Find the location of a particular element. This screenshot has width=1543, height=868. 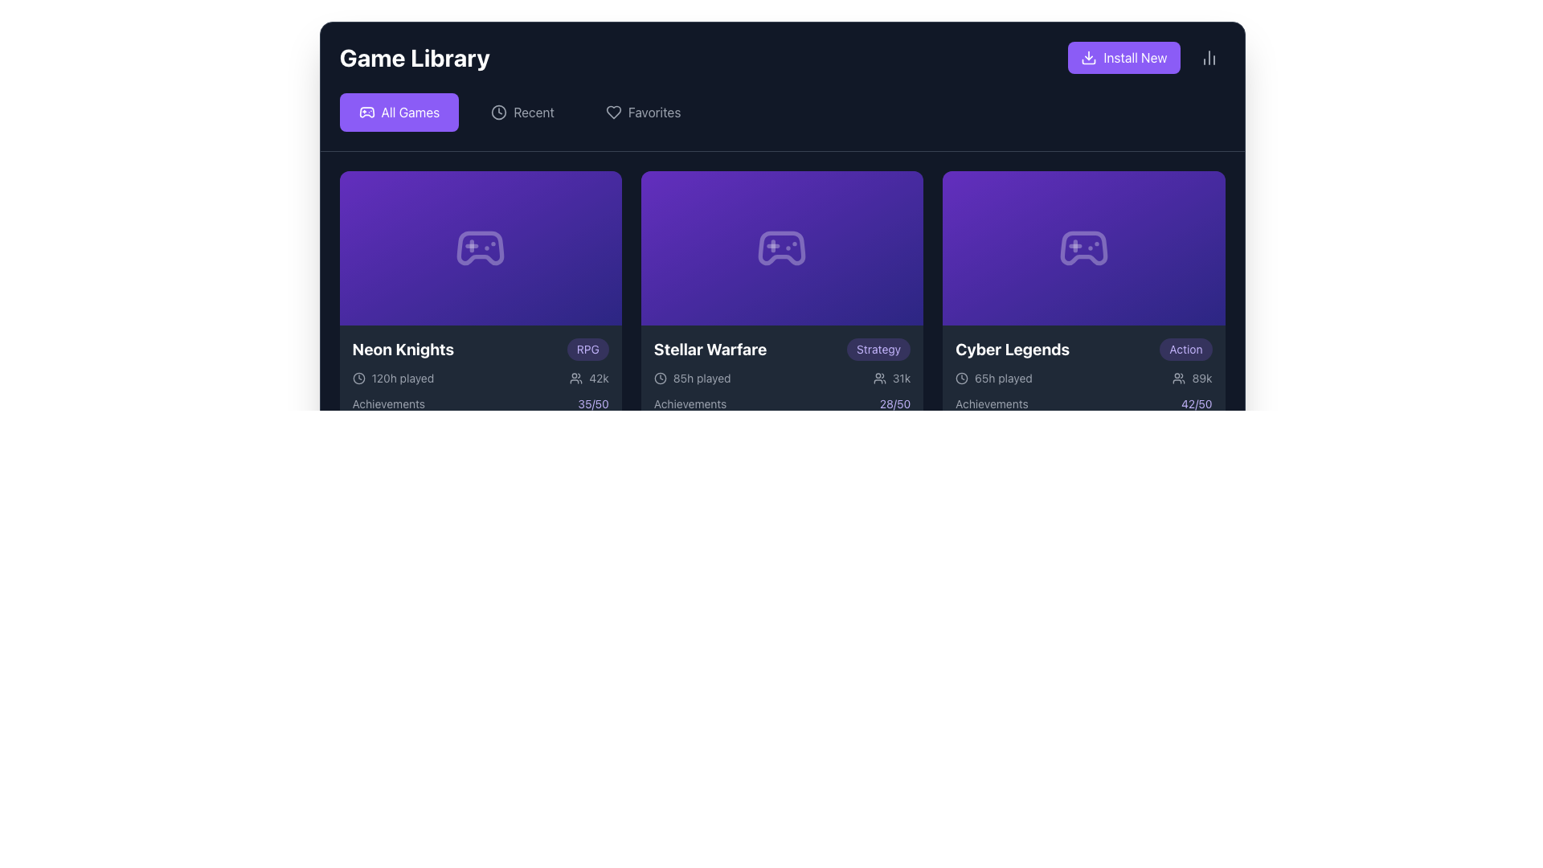

the 'Install New' button text, which is displayed in bold white font on a purple background, located in the top-right section of the interface is located at coordinates (1134, 57).